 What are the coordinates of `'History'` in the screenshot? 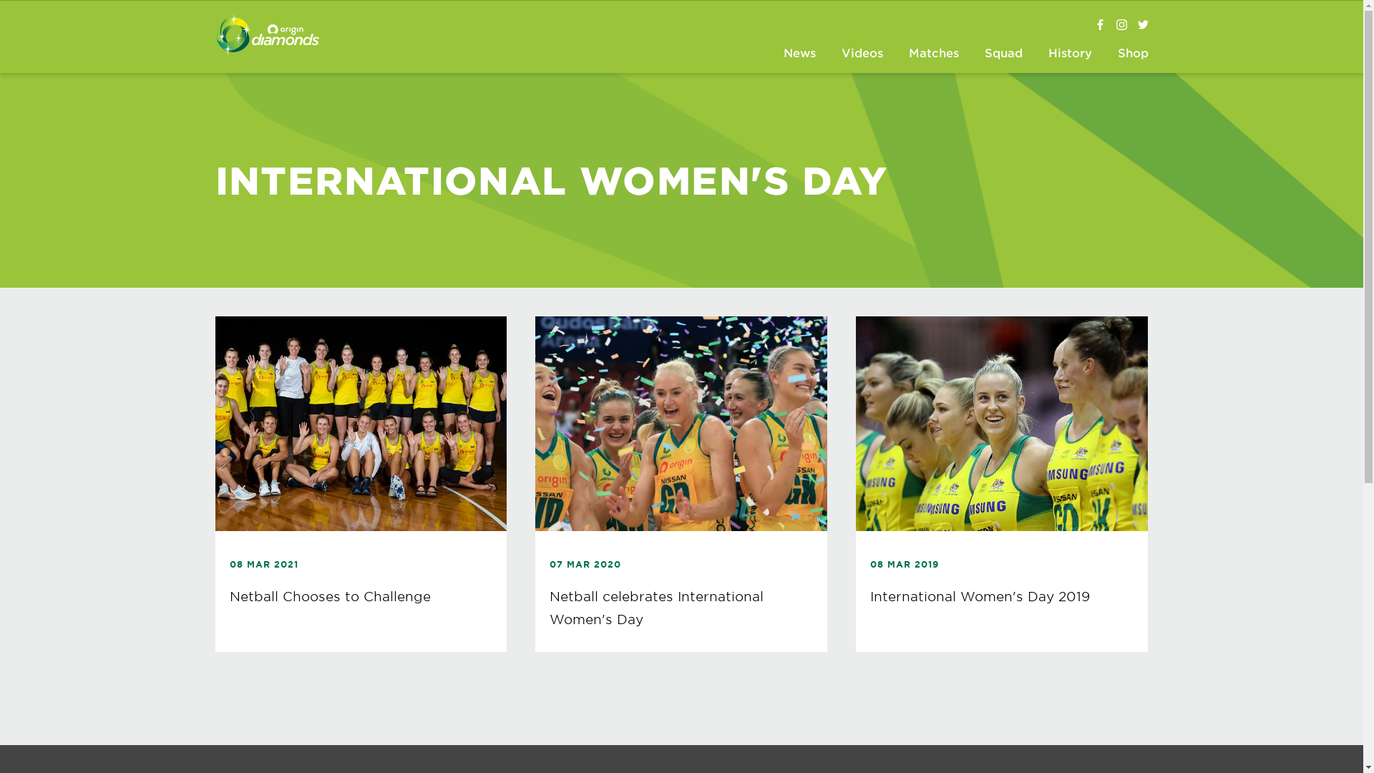 It's located at (1070, 54).